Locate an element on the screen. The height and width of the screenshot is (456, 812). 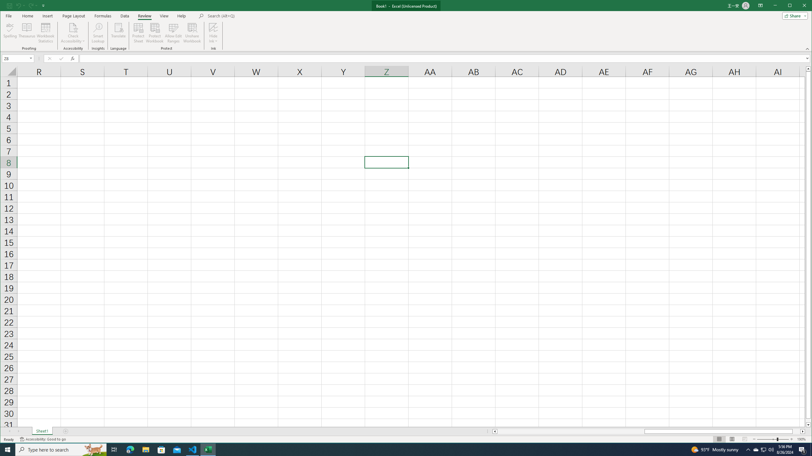
'File Explorer' is located at coordinates (145, 449).